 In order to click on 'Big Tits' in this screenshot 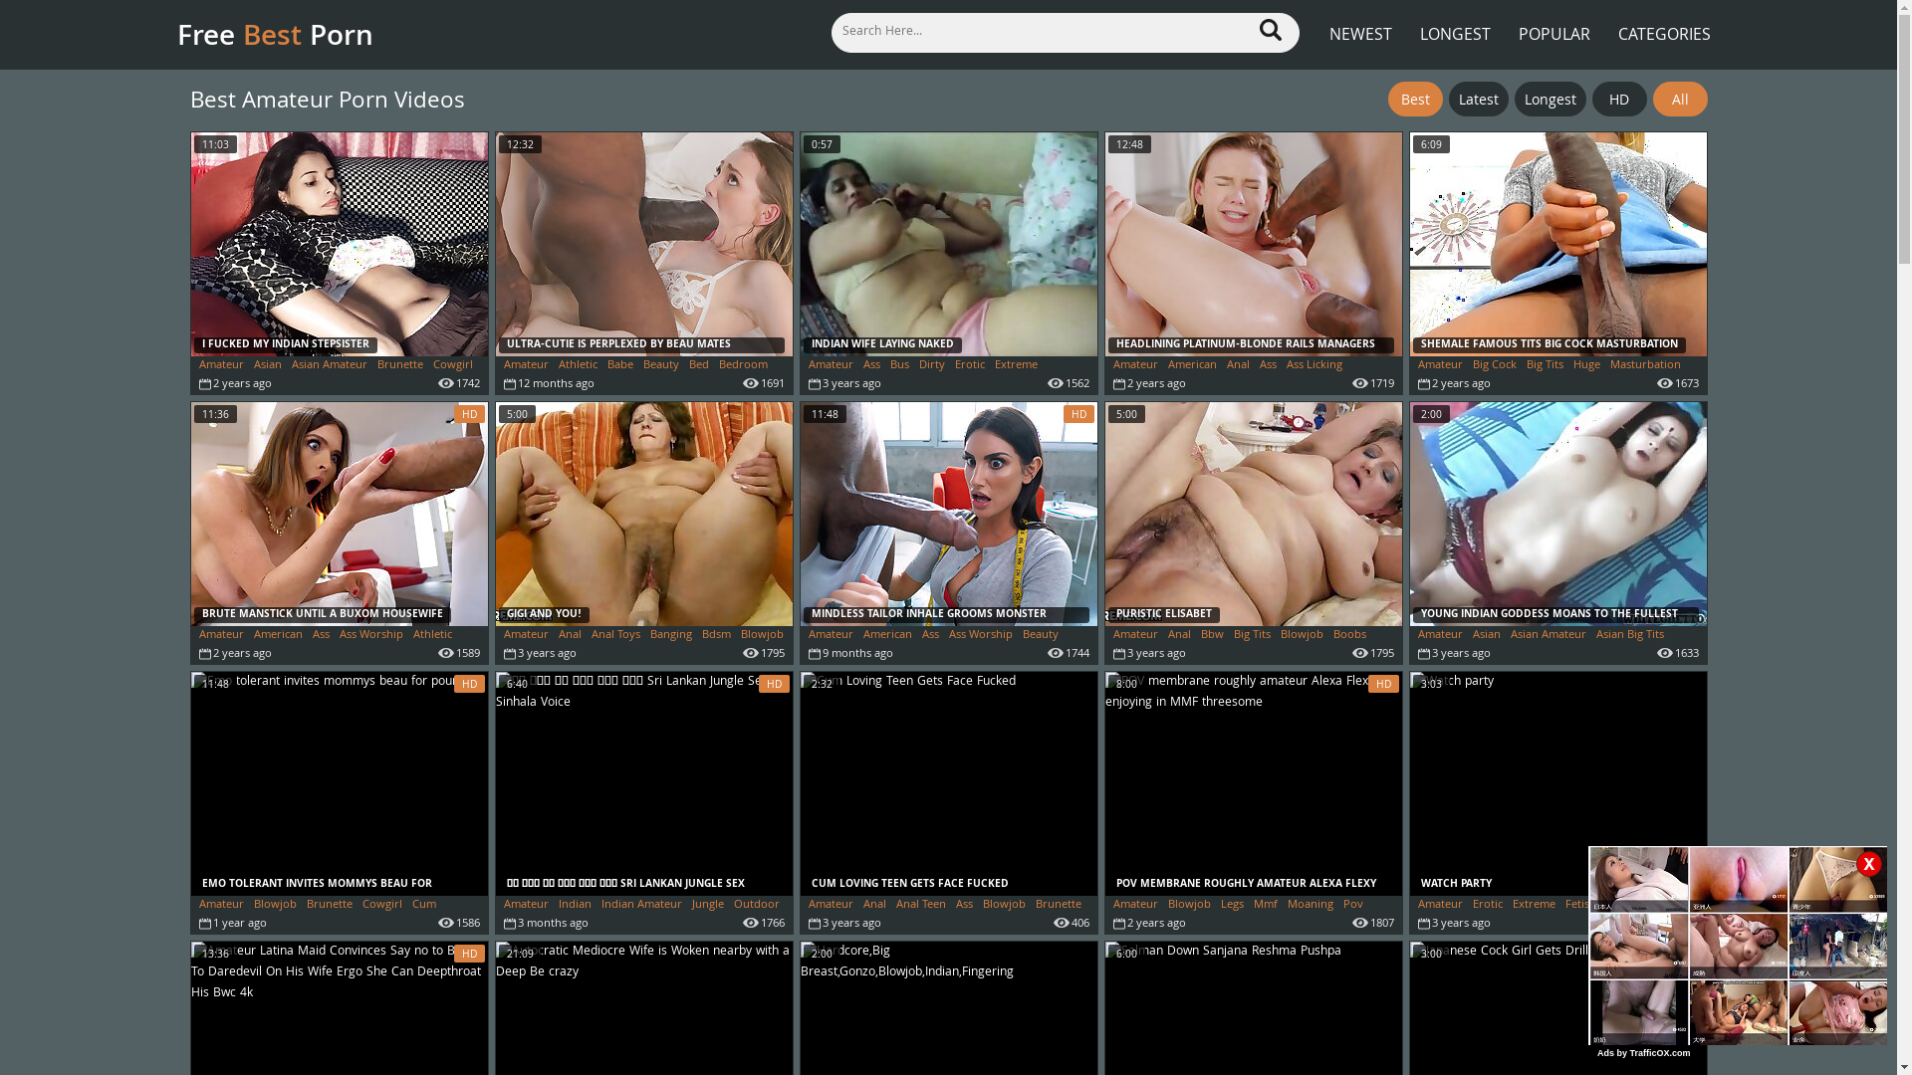, I will do `click(1543, 365)`.